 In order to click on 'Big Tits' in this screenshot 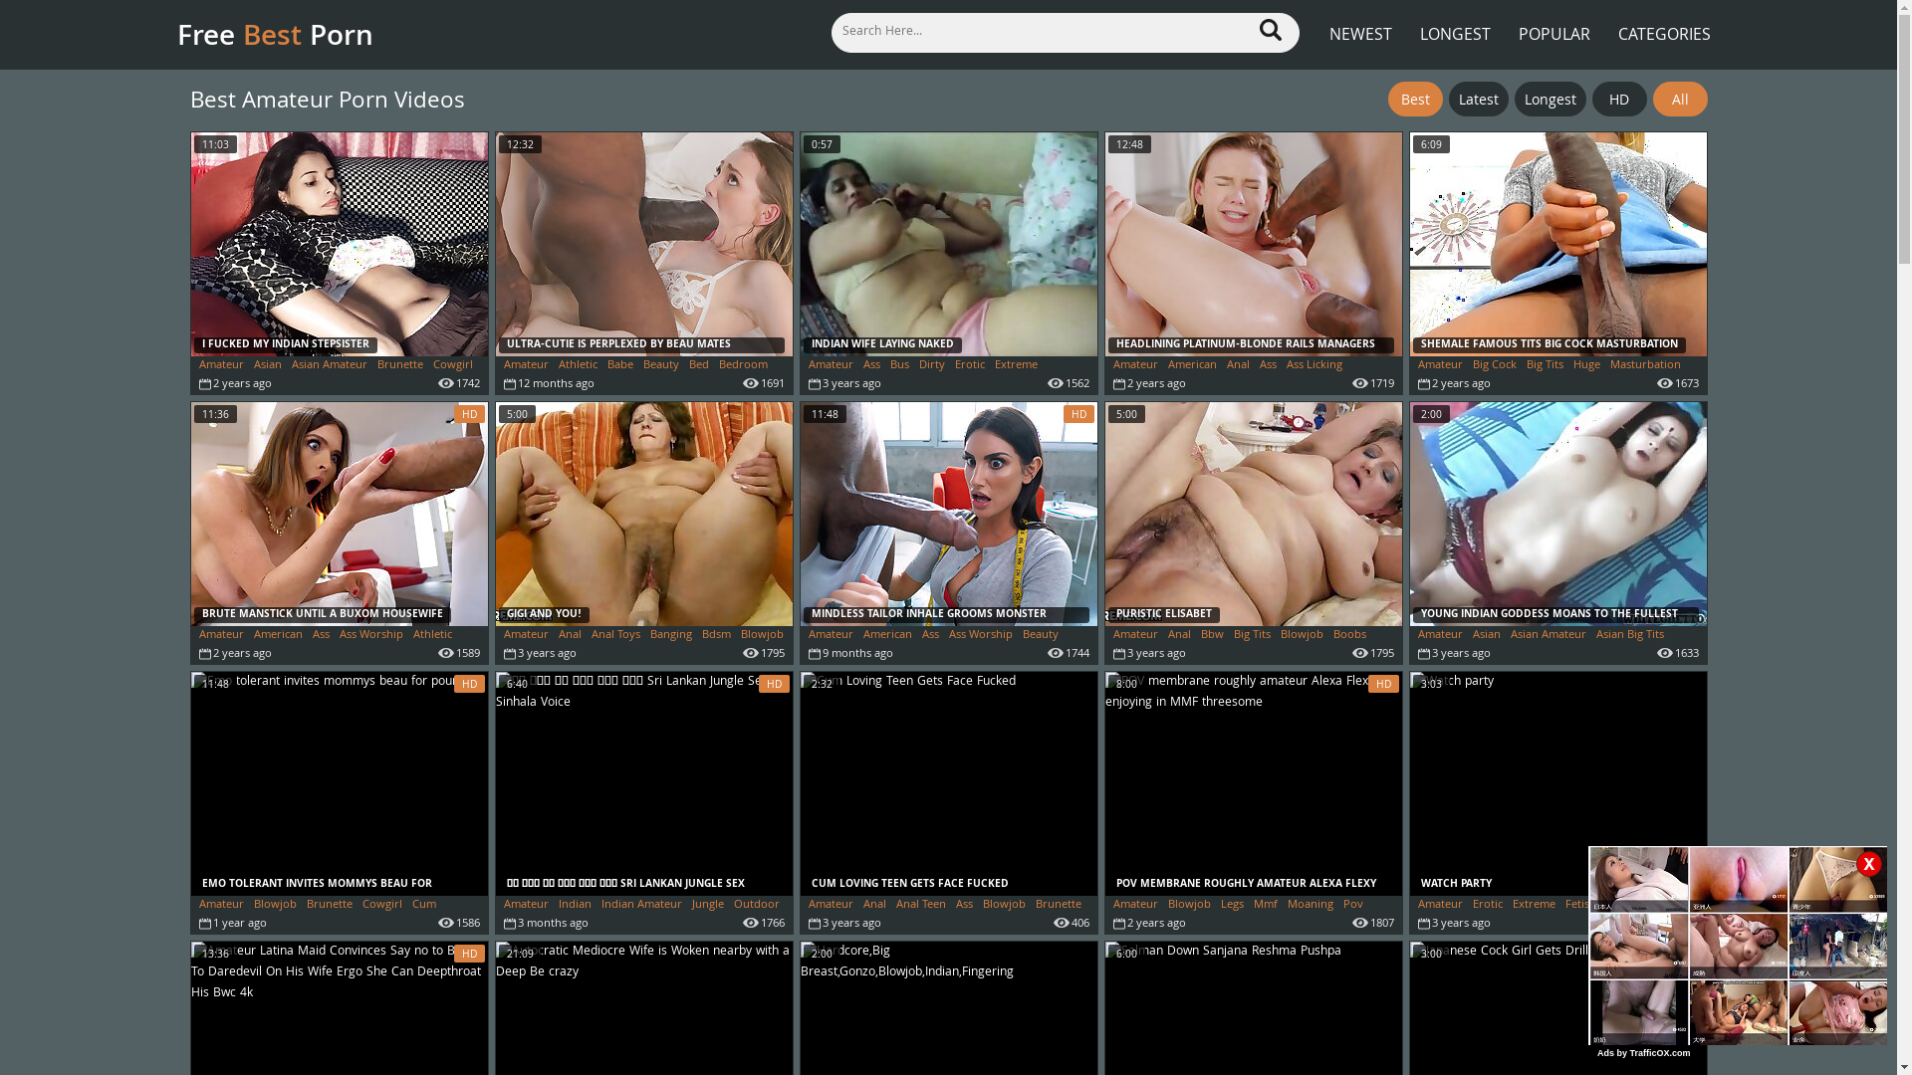, I will do `click(1543, 365)`.